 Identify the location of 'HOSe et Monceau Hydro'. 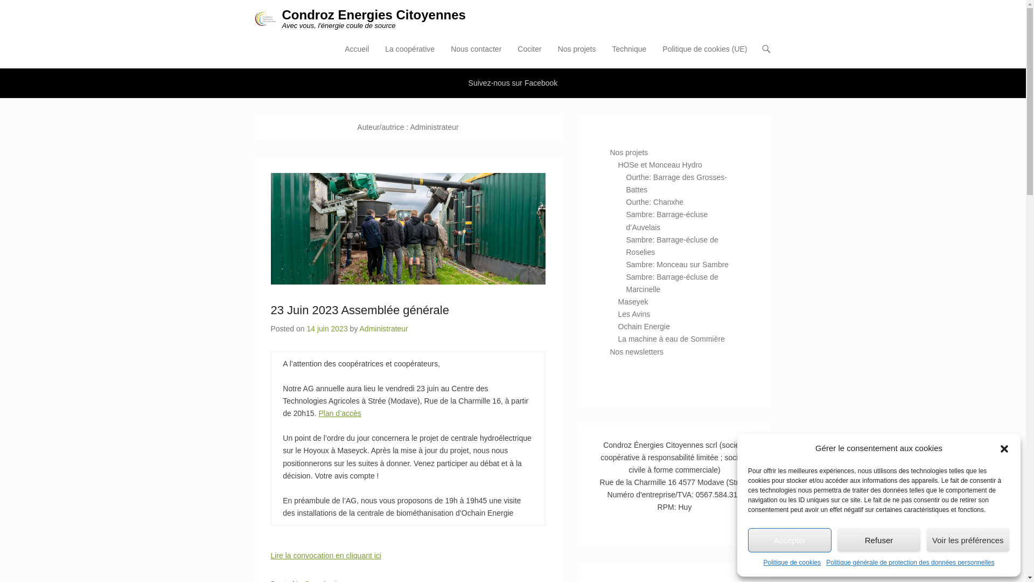
(659, 164).